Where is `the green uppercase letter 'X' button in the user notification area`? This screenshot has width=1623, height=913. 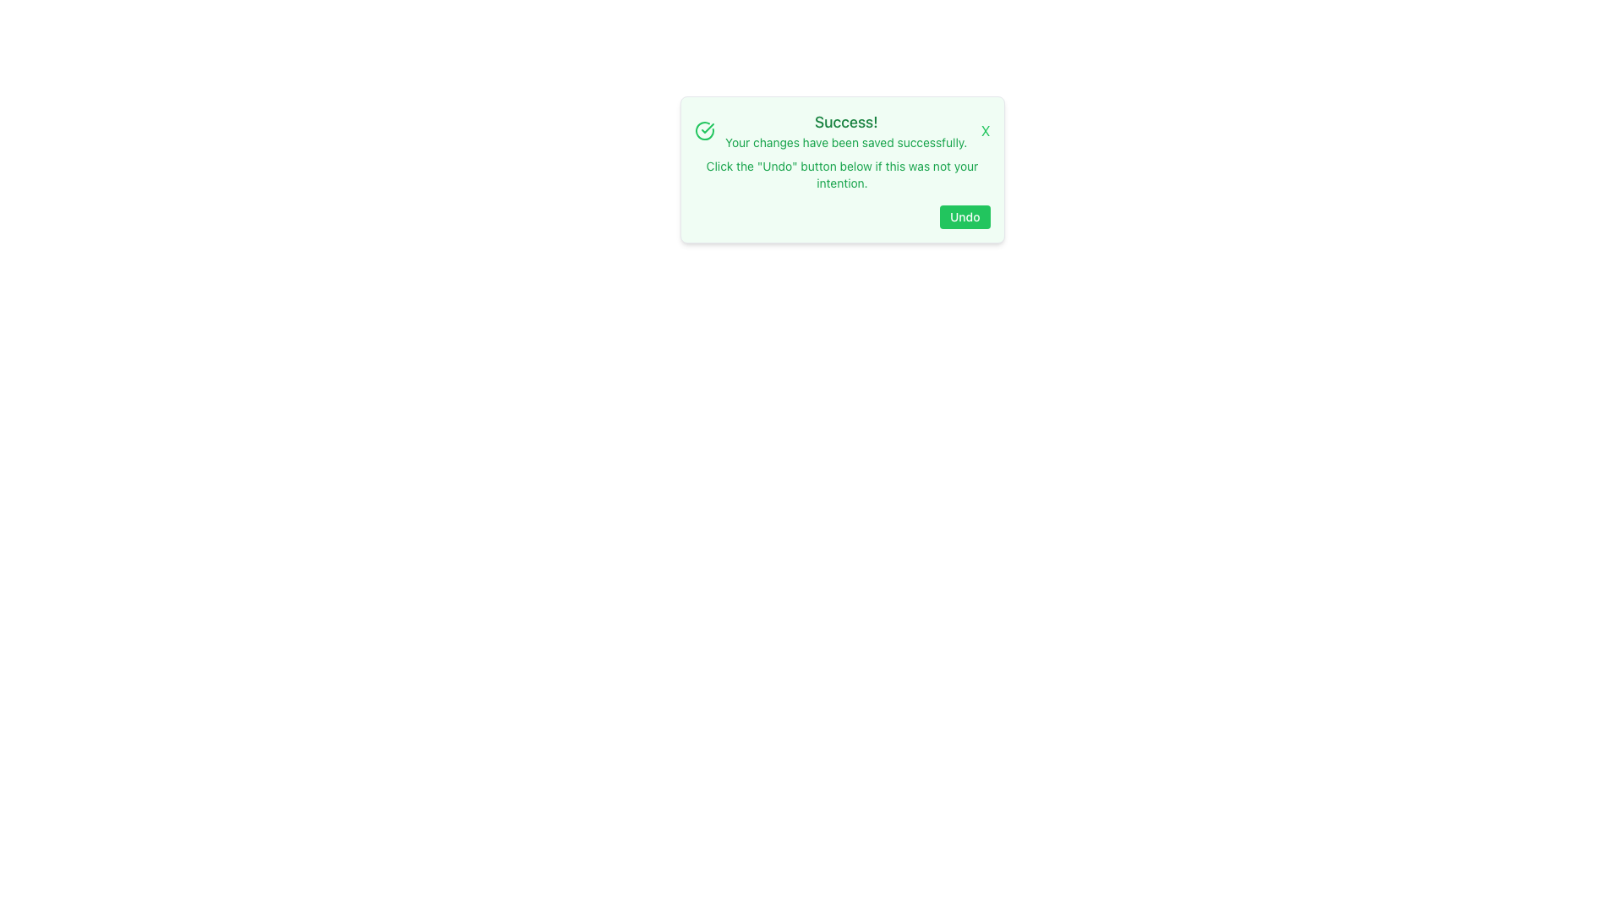 the green uppercase letter 'X' button in the user notification area is located at coordinates (986, 129).